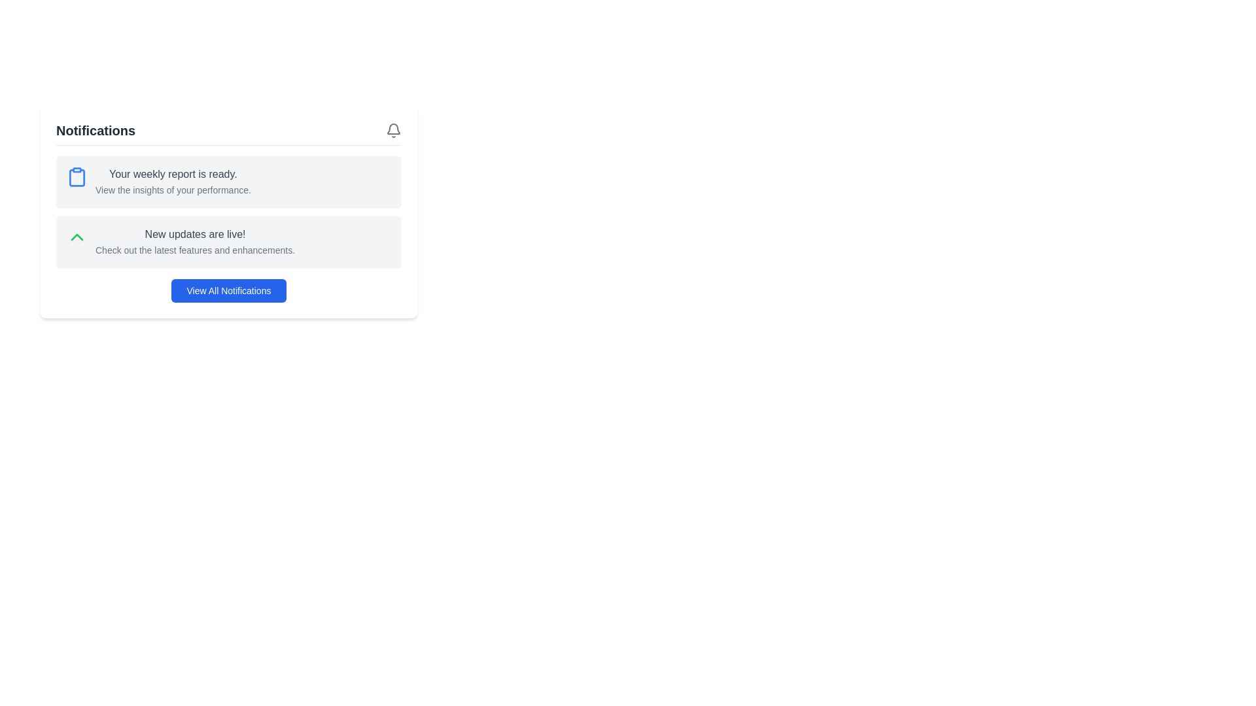  What do you see at coordinates (77, 176) in the screenshot?
I see `the SVG icon representing the clipboard or reporting feature located at the top-left corner of the first notification card, positioned to the left of the text 'Your weekly report is ready.'` at bounding box center [77, 176].